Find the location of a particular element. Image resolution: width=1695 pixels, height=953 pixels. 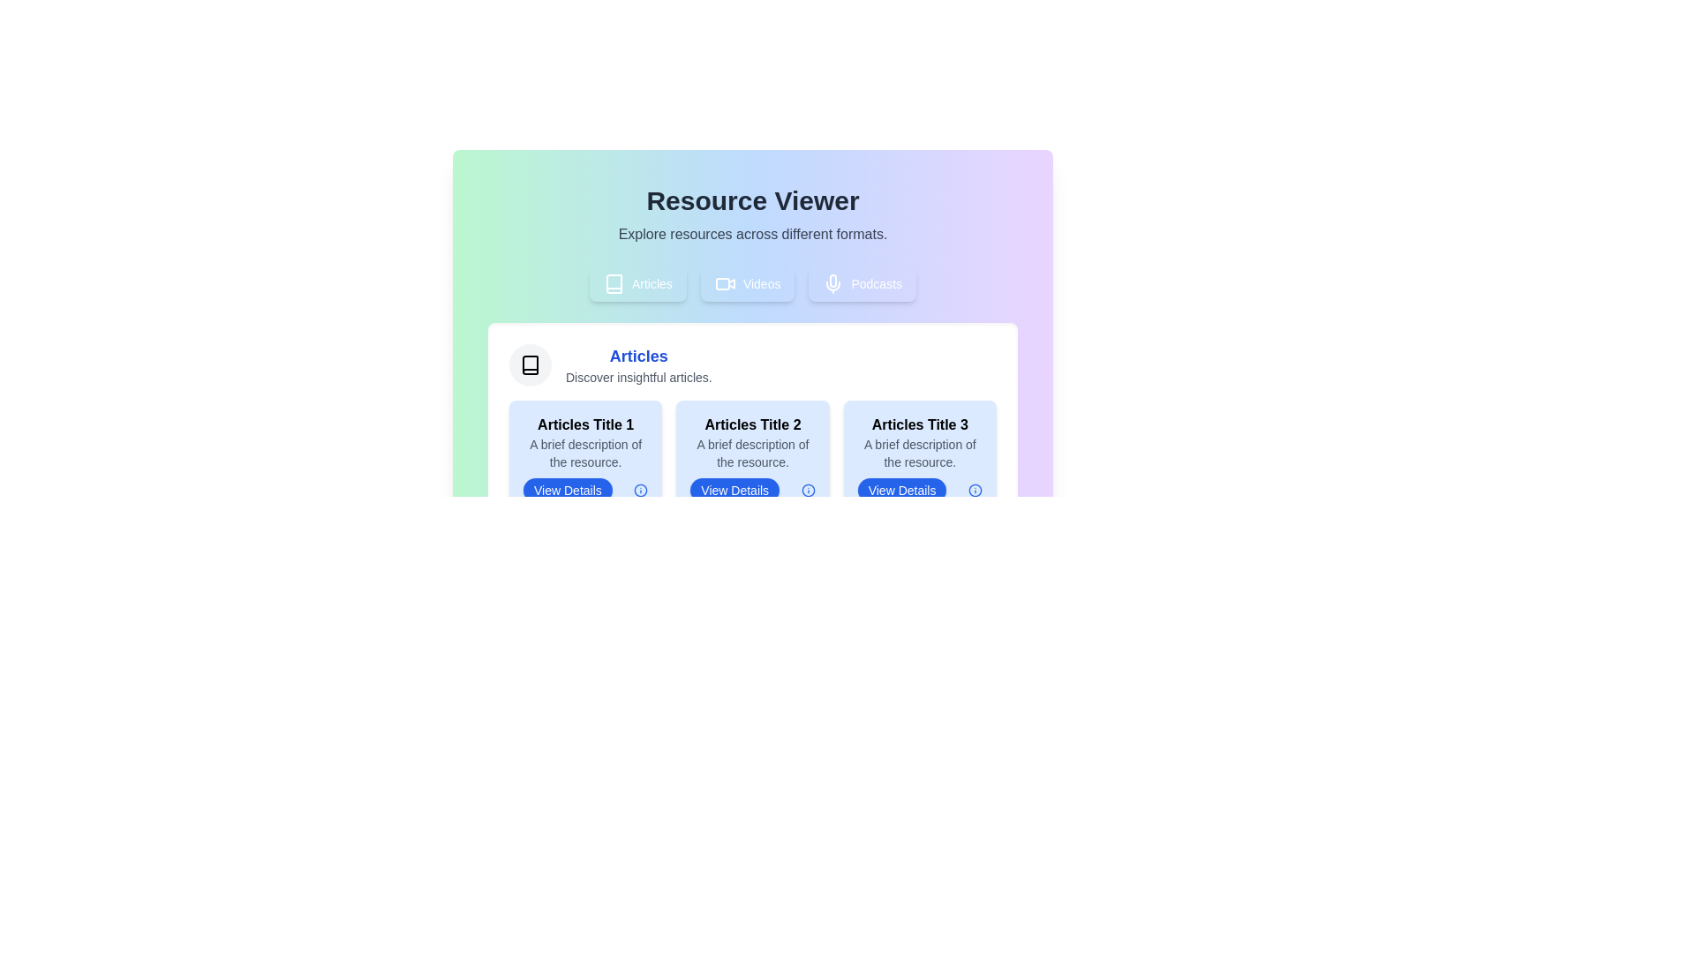

the 'Podcasts' button, which is the third button in a horizontal group of three buttons labeled 'Articles', 'Videos', and 'Podcasts' is located at coordinates (863, 282).